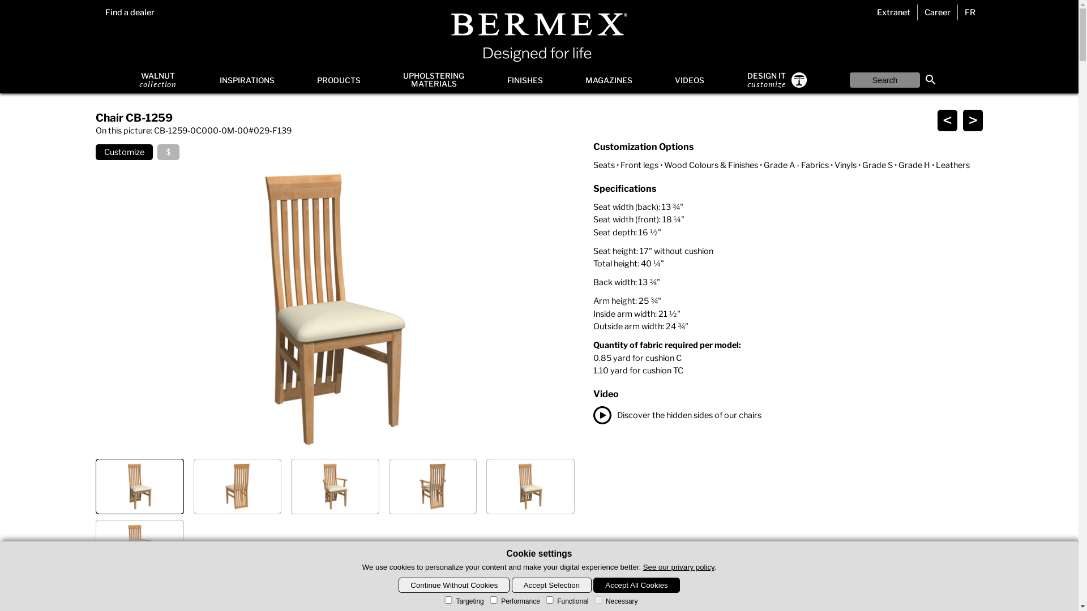 This screenshot has width=1087, height=611. I want to click on '<', so click(947, 120).